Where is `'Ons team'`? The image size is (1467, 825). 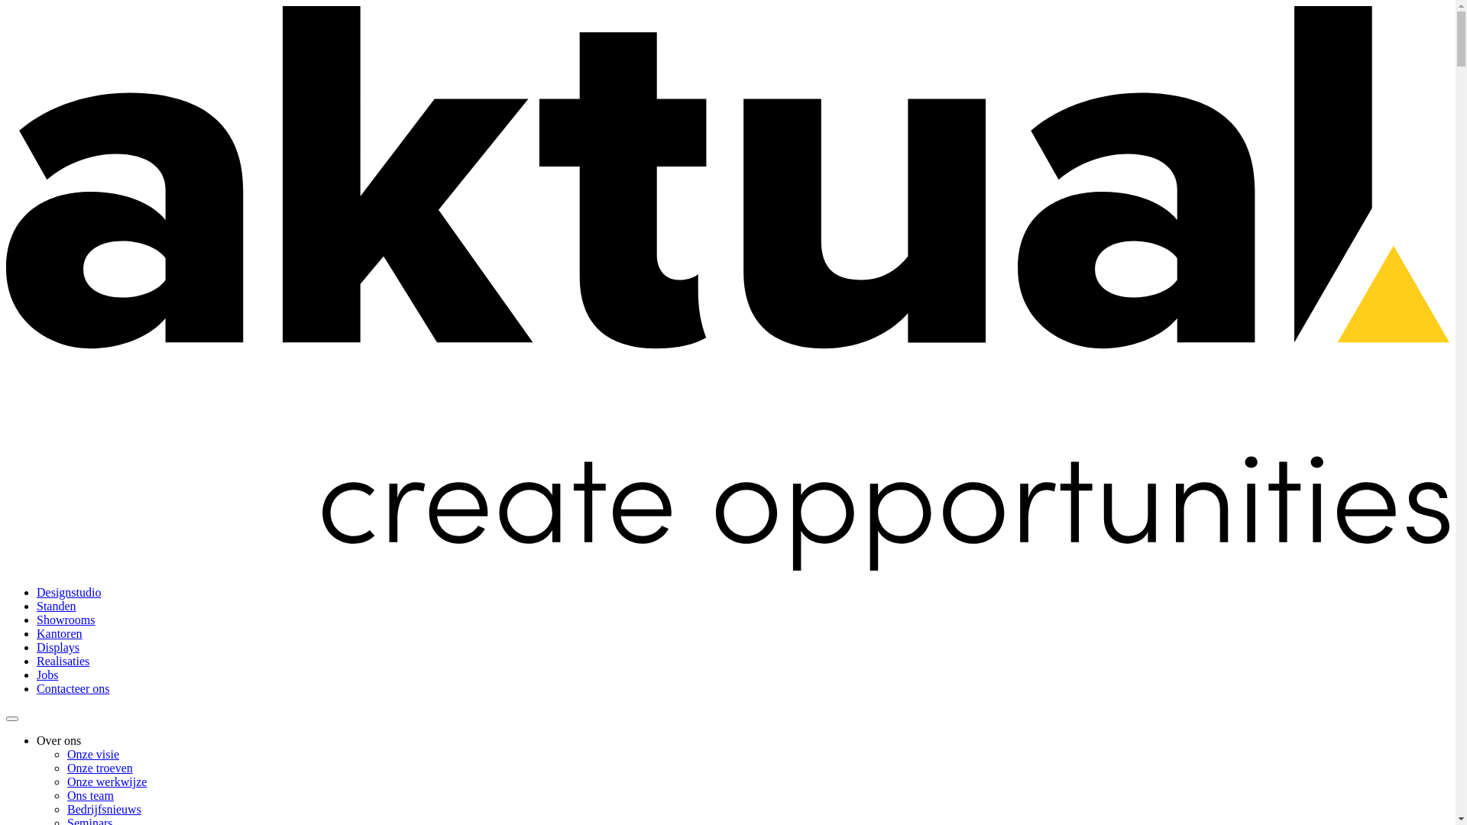 'Ons team' is located at coordinates (89, 794).